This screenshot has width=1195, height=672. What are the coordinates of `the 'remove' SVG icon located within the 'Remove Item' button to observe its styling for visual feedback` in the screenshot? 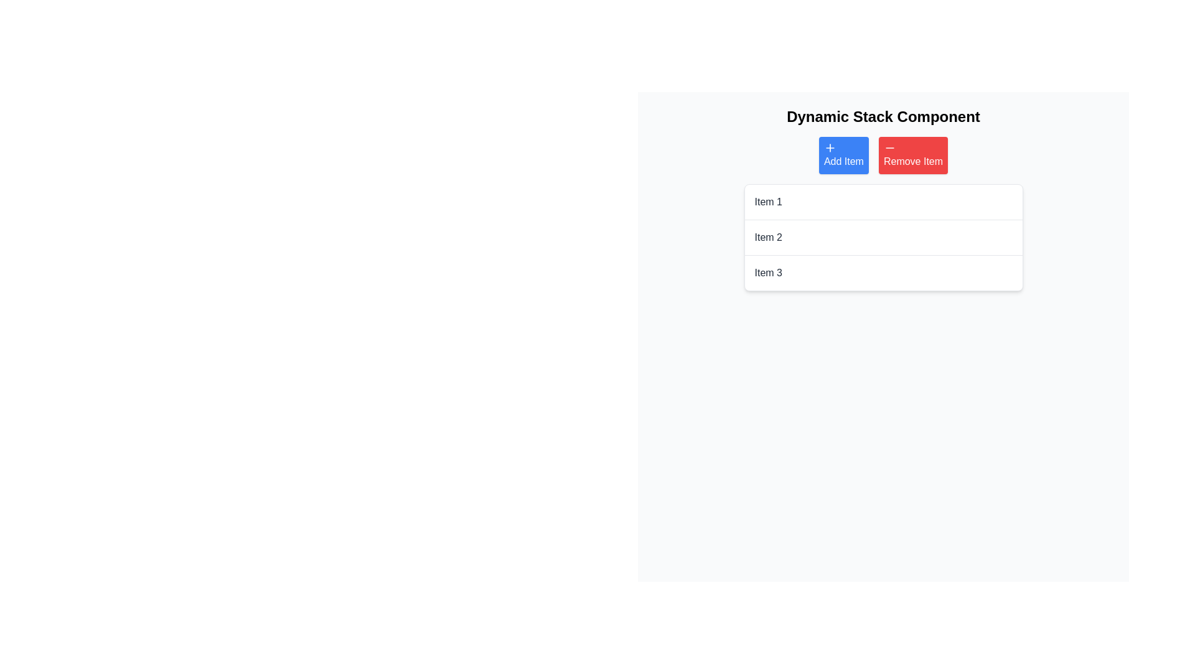 It's located at (889, 147).